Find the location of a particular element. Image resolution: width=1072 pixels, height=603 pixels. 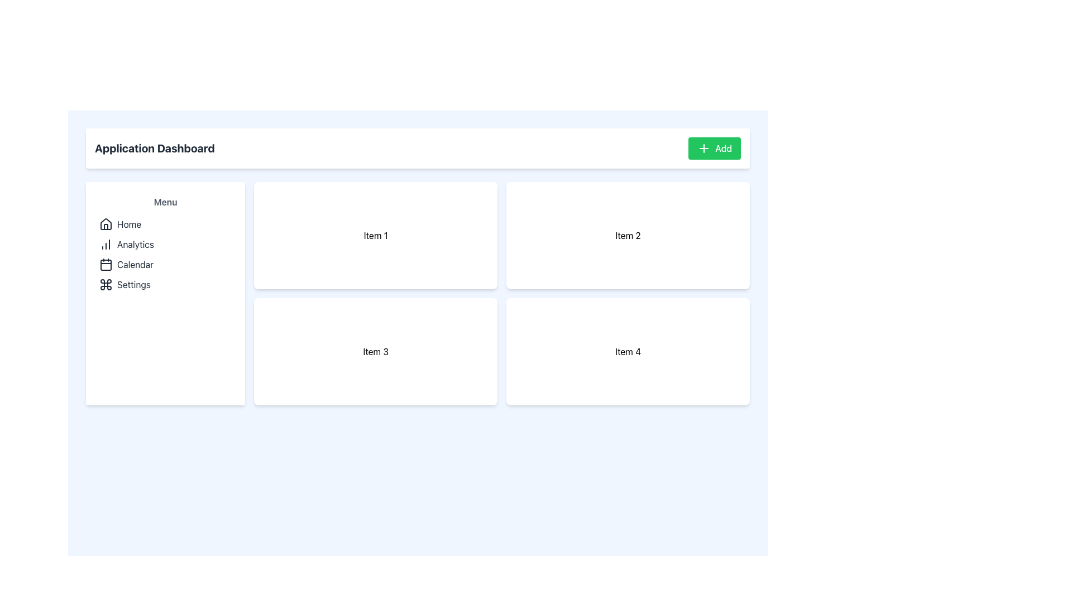

the bar graph icon located next to the 'Analytics' label in the vertical menu on the left side of the interface is located at coordinates (106, 244).